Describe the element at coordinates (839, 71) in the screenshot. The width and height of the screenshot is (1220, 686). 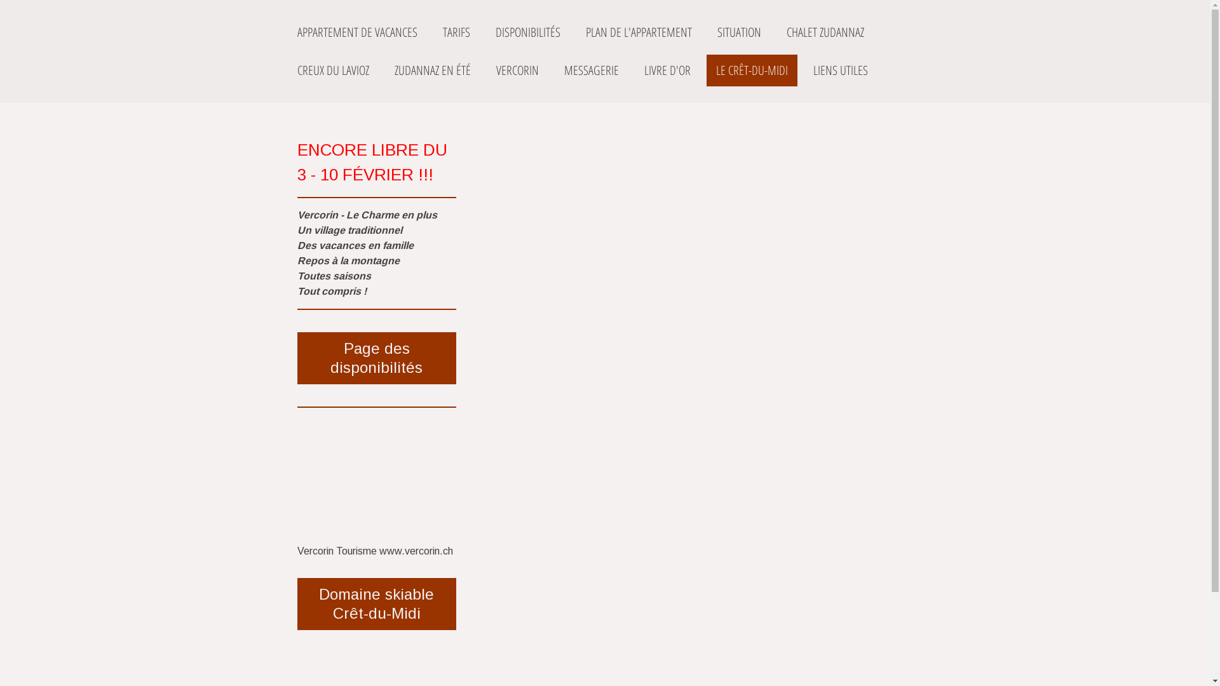
I see `'LIENS UTILES'` at that location.